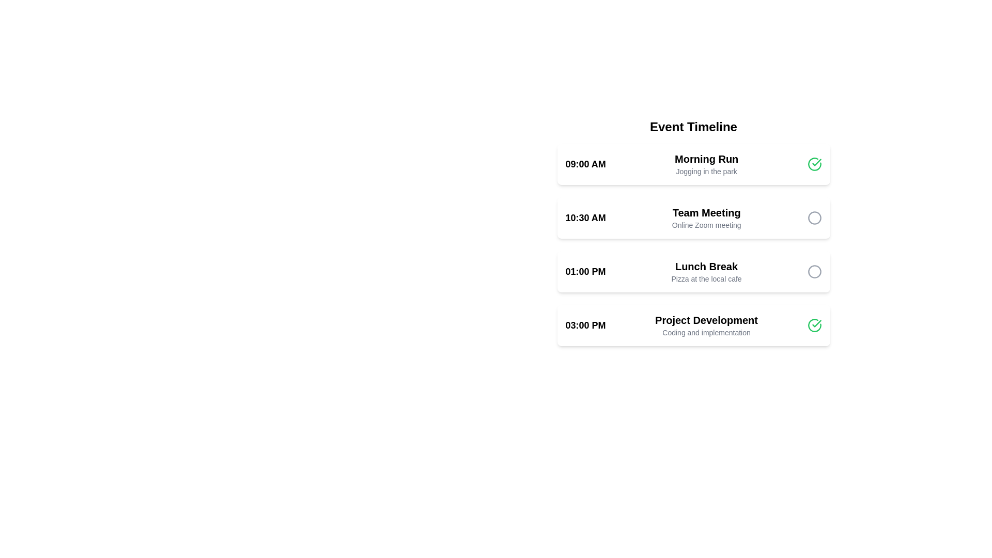 This screenshot has width=992, height=558. What do you see at coordinates (814, 271) in the screenshot?
I see `the circular icon with a thin gray outline located to the far right of the 'Lunch Break' text information` at bounding box center [814, 271].